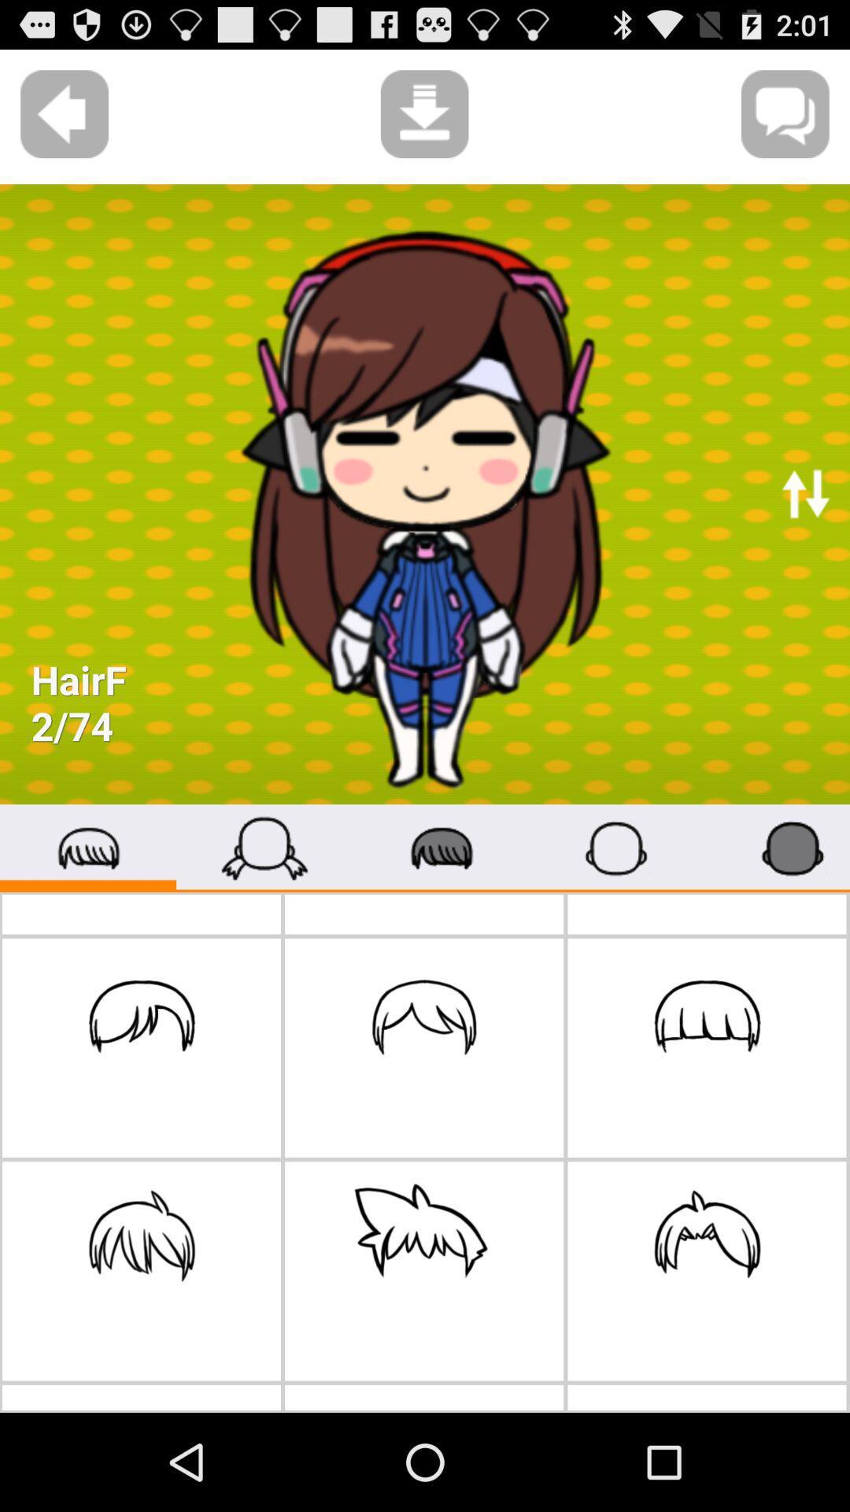 Image resolution: width=850 pixels, height=1512 pixels. What do you see at coordinates (423, 1271) in the screenshot?
I see `the 5th hair style icon on the web page` at bounding box center [423, 1271].